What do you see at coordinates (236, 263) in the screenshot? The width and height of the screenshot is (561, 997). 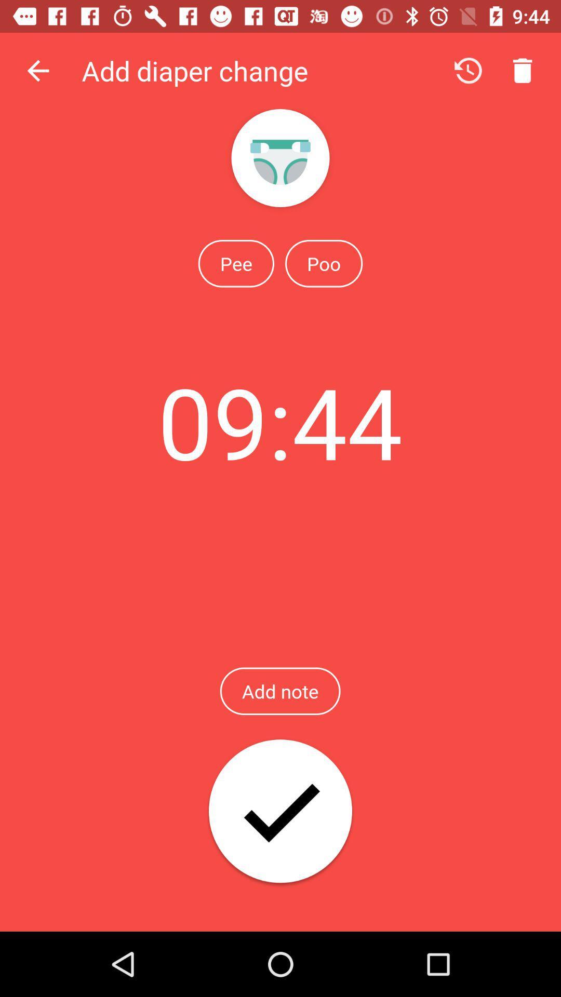 I see `icon next to the poo icon` at bounding box center [236, 263].